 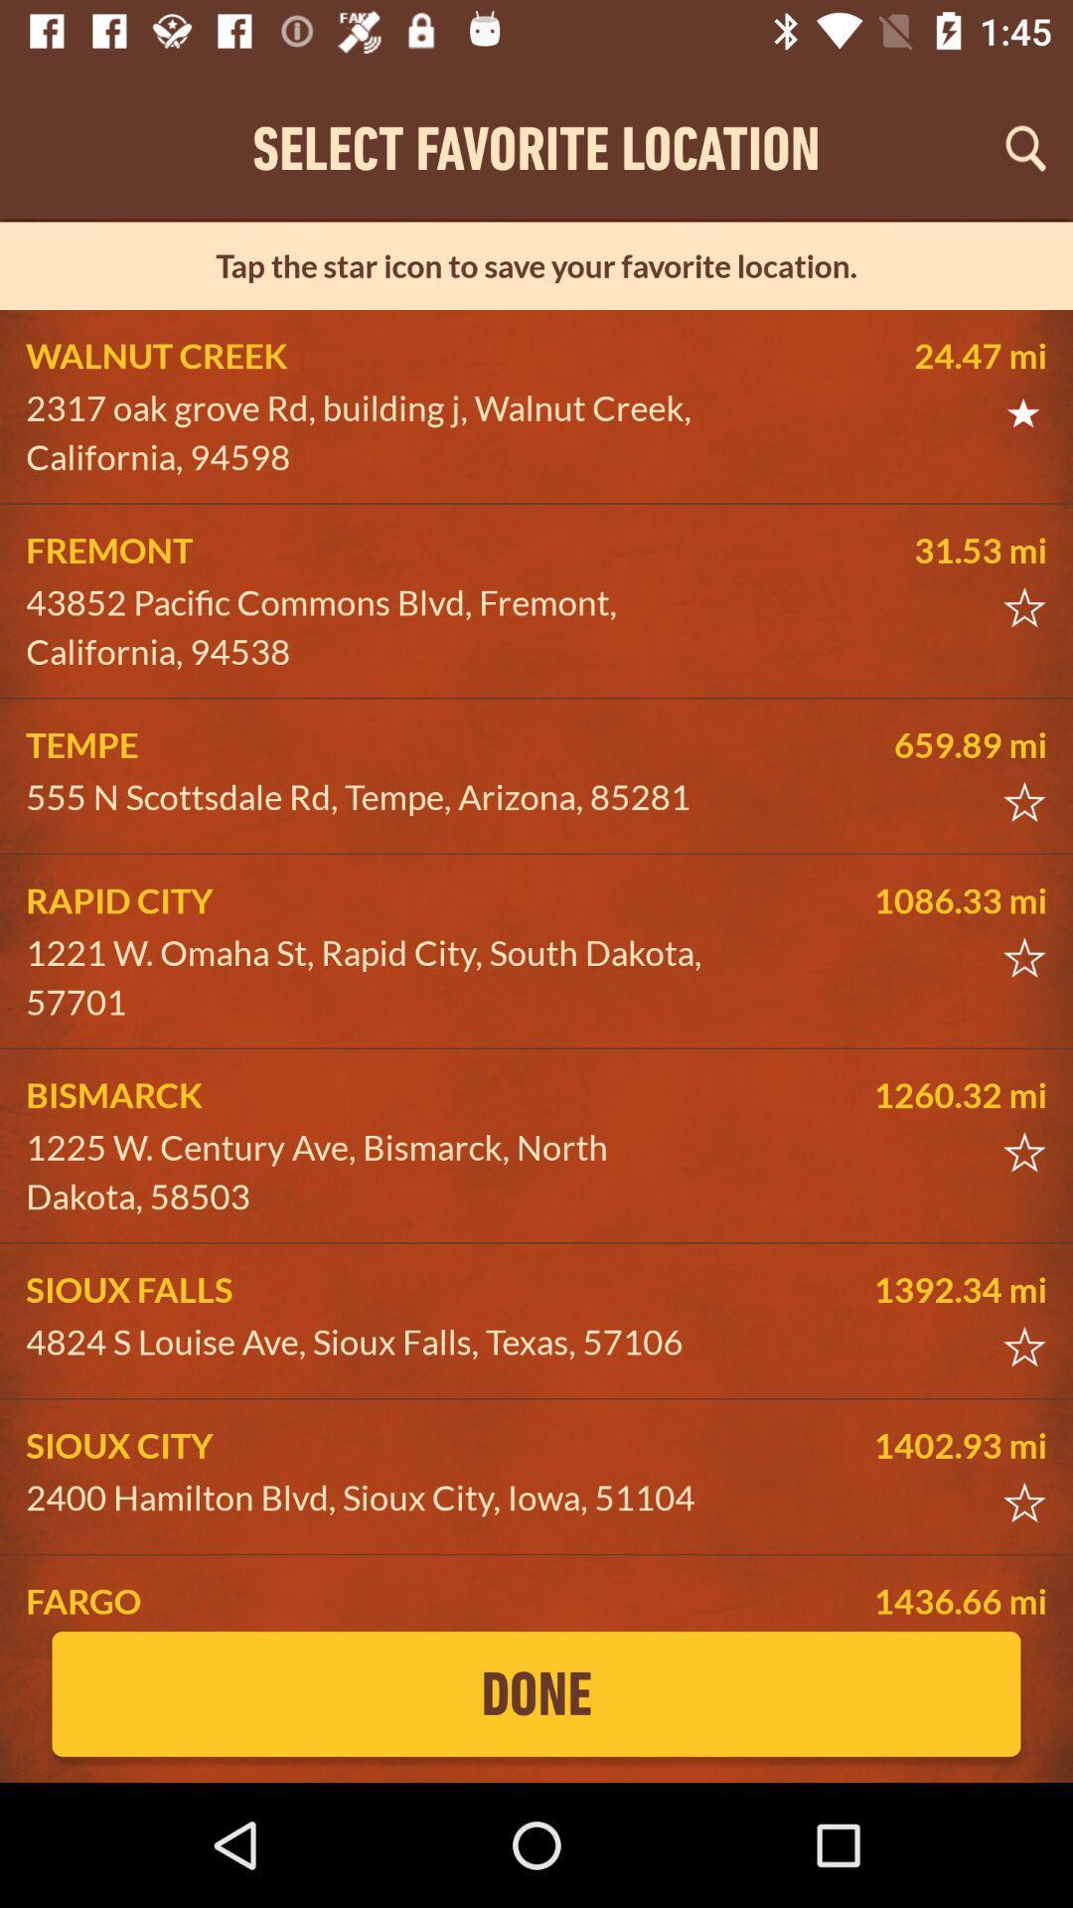 What do you see at coordinates (374, 797) in the screenshot?
I see `the icon below the tempe icon` at bounding box center [374, 797].